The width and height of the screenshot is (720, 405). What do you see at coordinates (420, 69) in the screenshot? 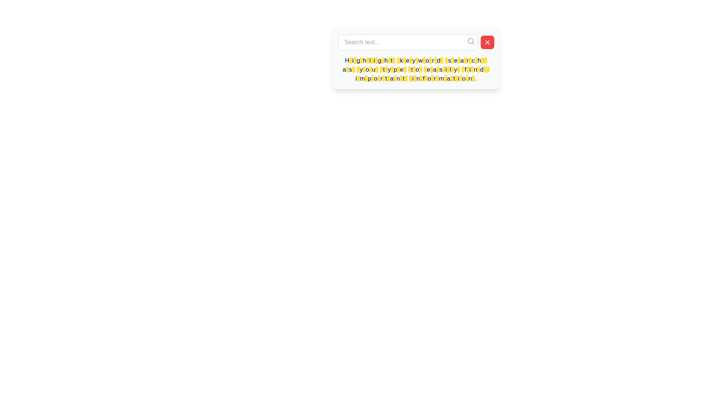
I see `the decorative highlight located on the second line of the multi-line text block, which emphasizes a segment of the information text` at bounding box center [420, 69].